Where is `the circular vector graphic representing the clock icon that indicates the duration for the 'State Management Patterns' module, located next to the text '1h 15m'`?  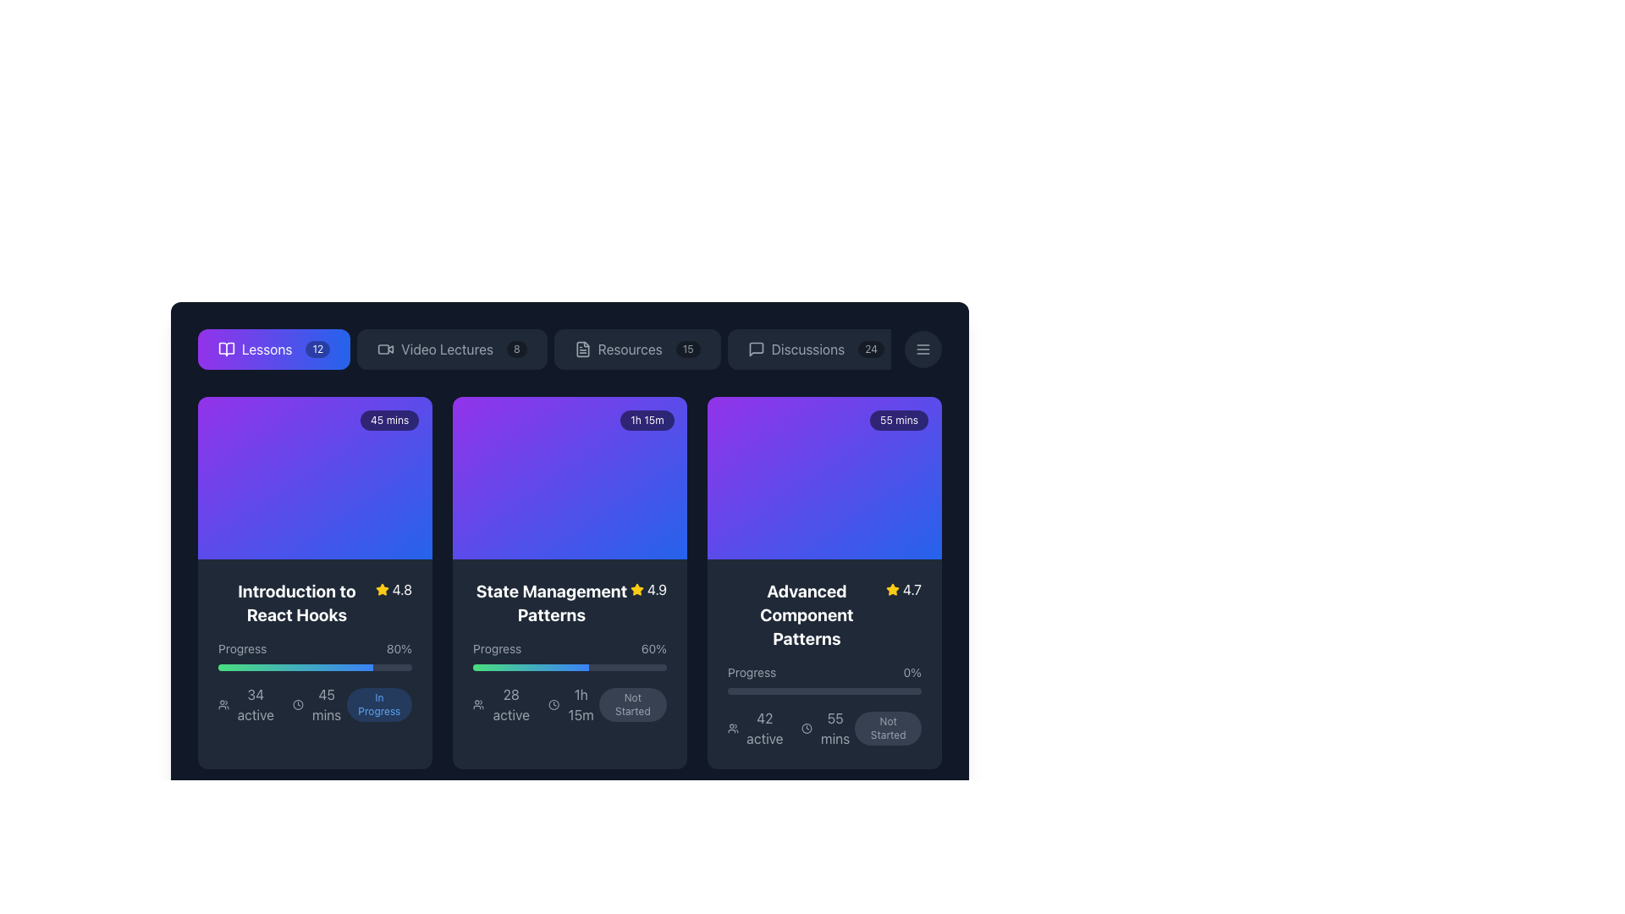 the circular vector graphic representing the clock icon that indicates the duration for the 'State Management Patterns' module, located next to the text '1h 15m' is located at coordinates (554, 705).